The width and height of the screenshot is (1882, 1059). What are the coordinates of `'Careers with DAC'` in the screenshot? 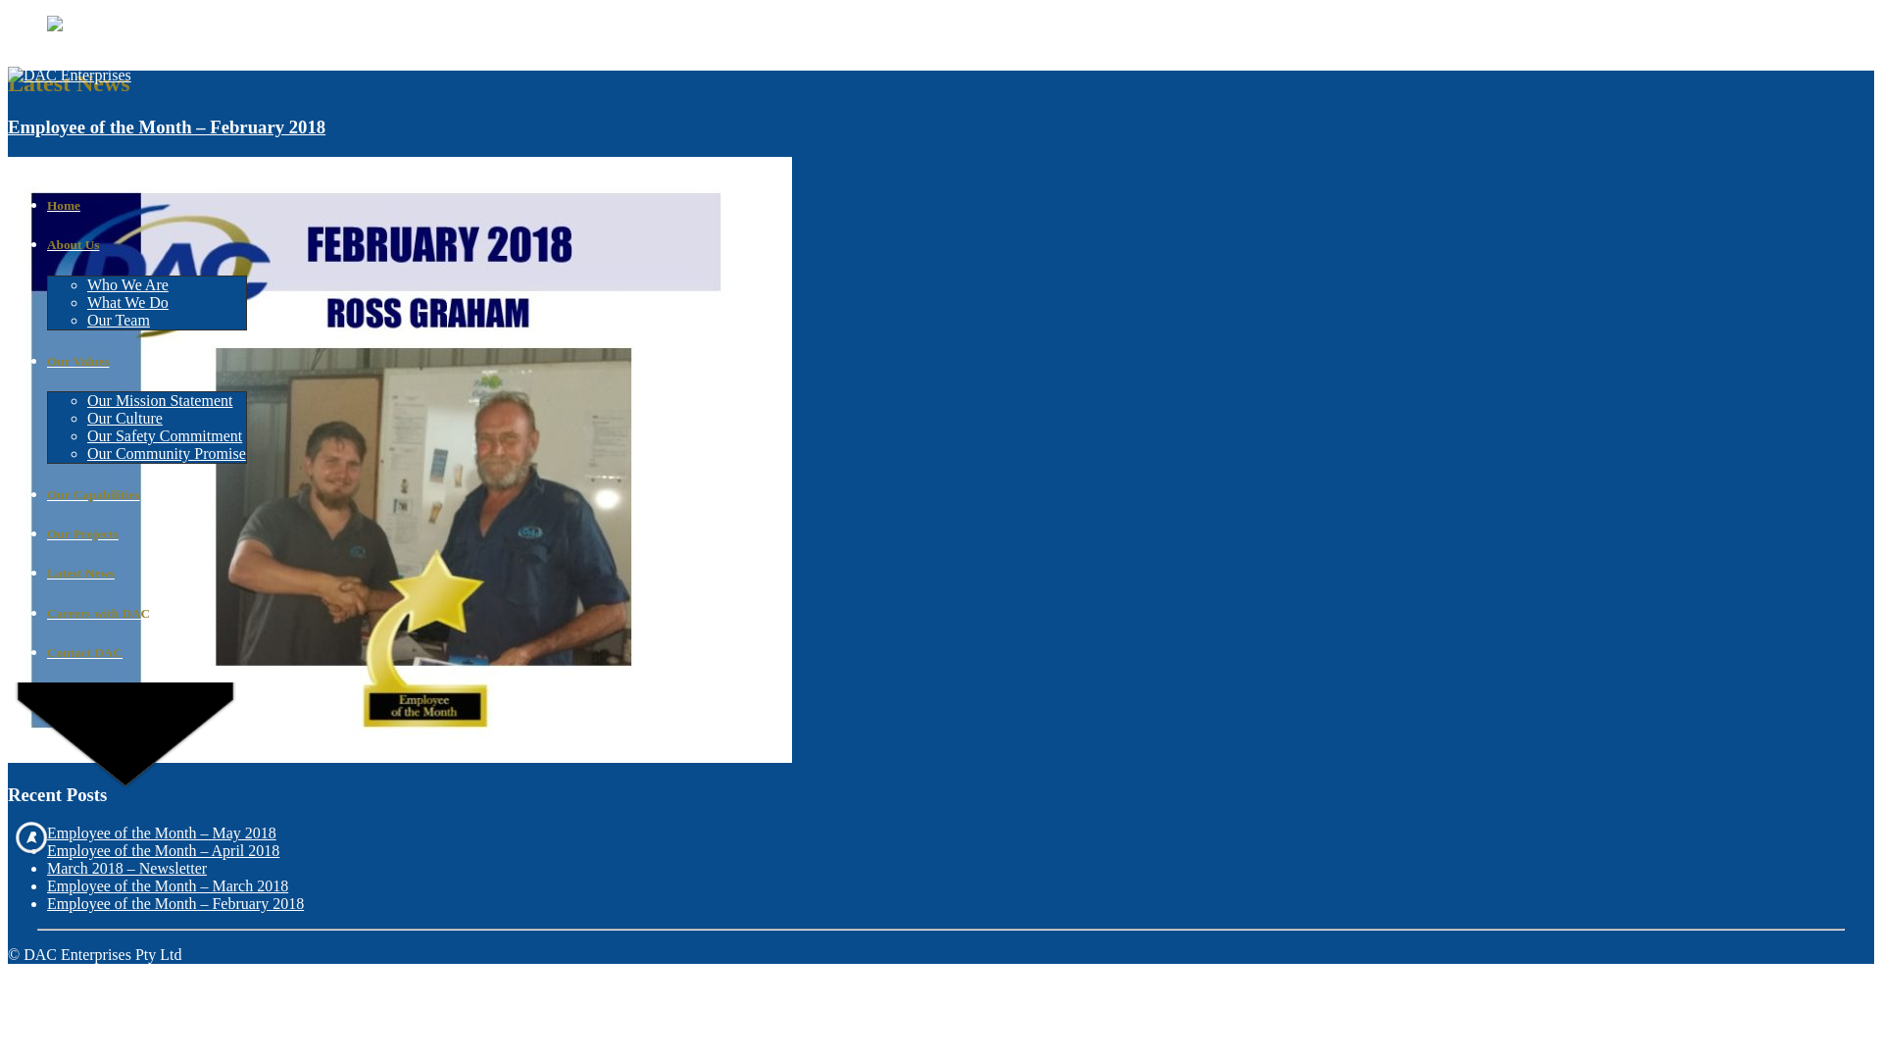 It's located at (145, 612).